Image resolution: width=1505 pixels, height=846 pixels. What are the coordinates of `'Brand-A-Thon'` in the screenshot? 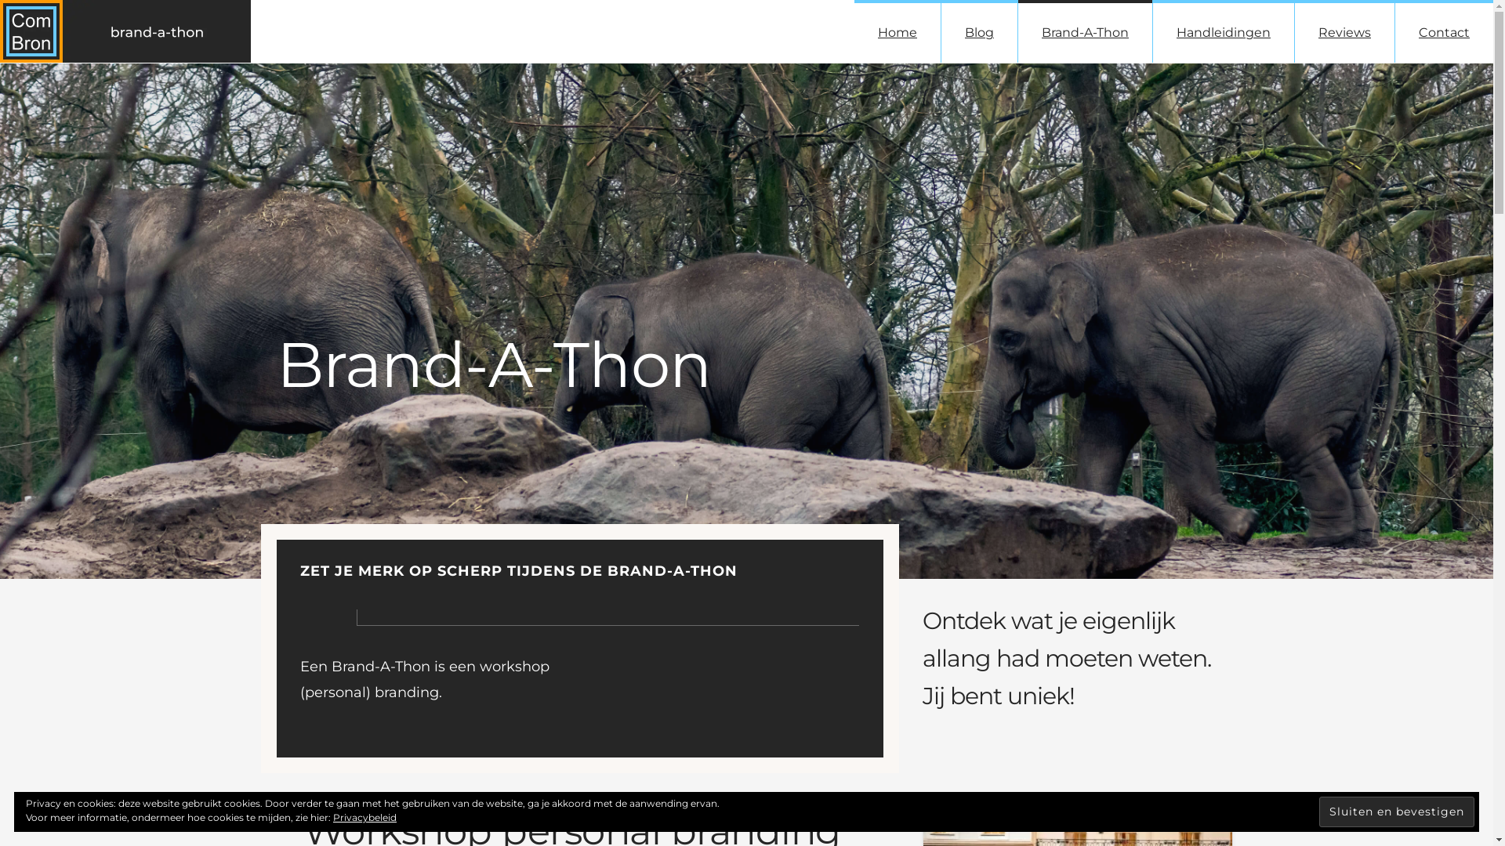 It's located at (1084, 31).